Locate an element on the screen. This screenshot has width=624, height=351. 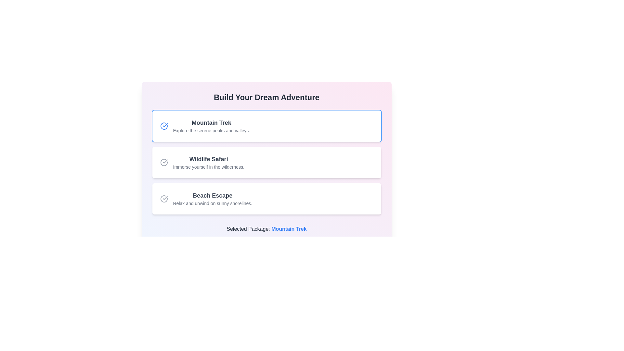
checkmark icon SVG element, which is styled with a gray stroke and located next to the 'Mountain Trek' text in the first selection option, for debugging purposes is located at coordinates (165, 198).